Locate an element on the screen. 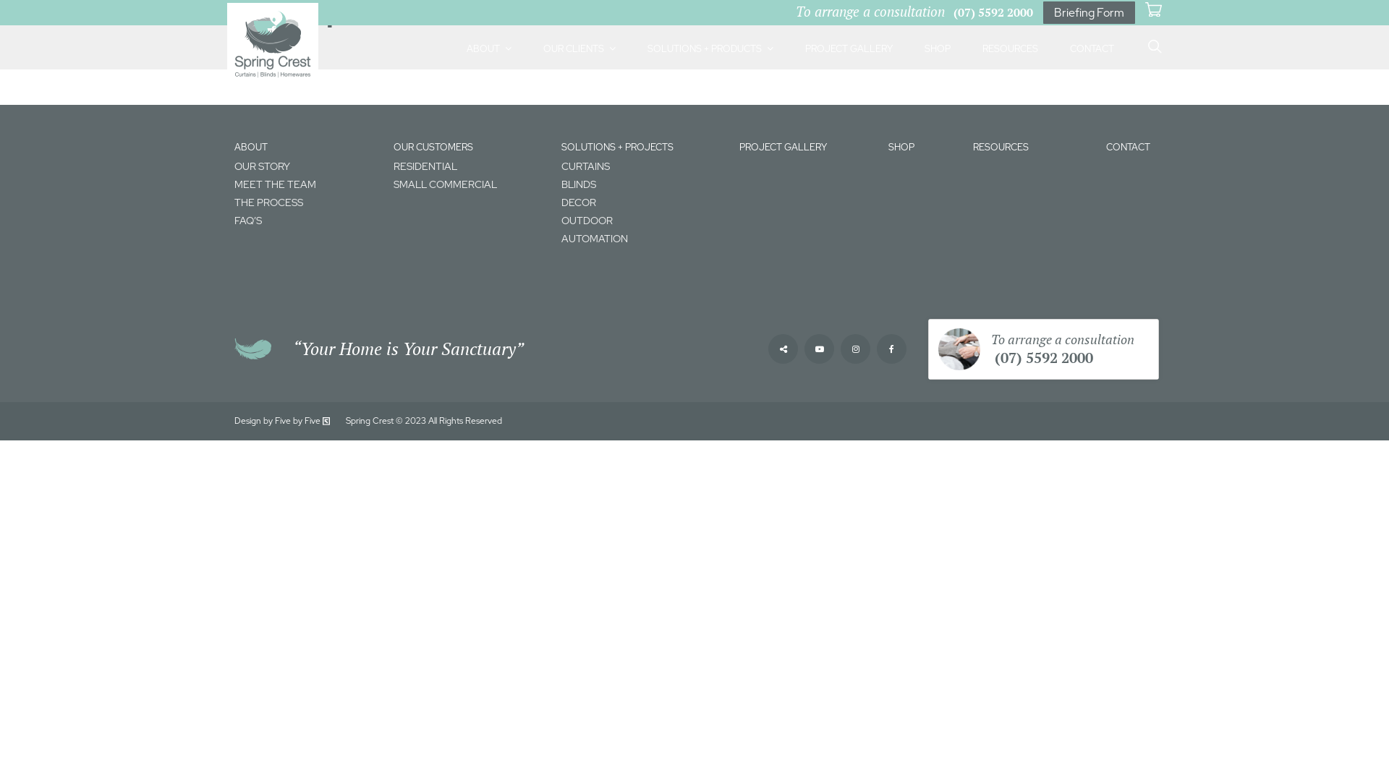 The height and width of the screenshot is (781, 1389). 'PROJECT GALLERY' is located at coordinates (782, 147).